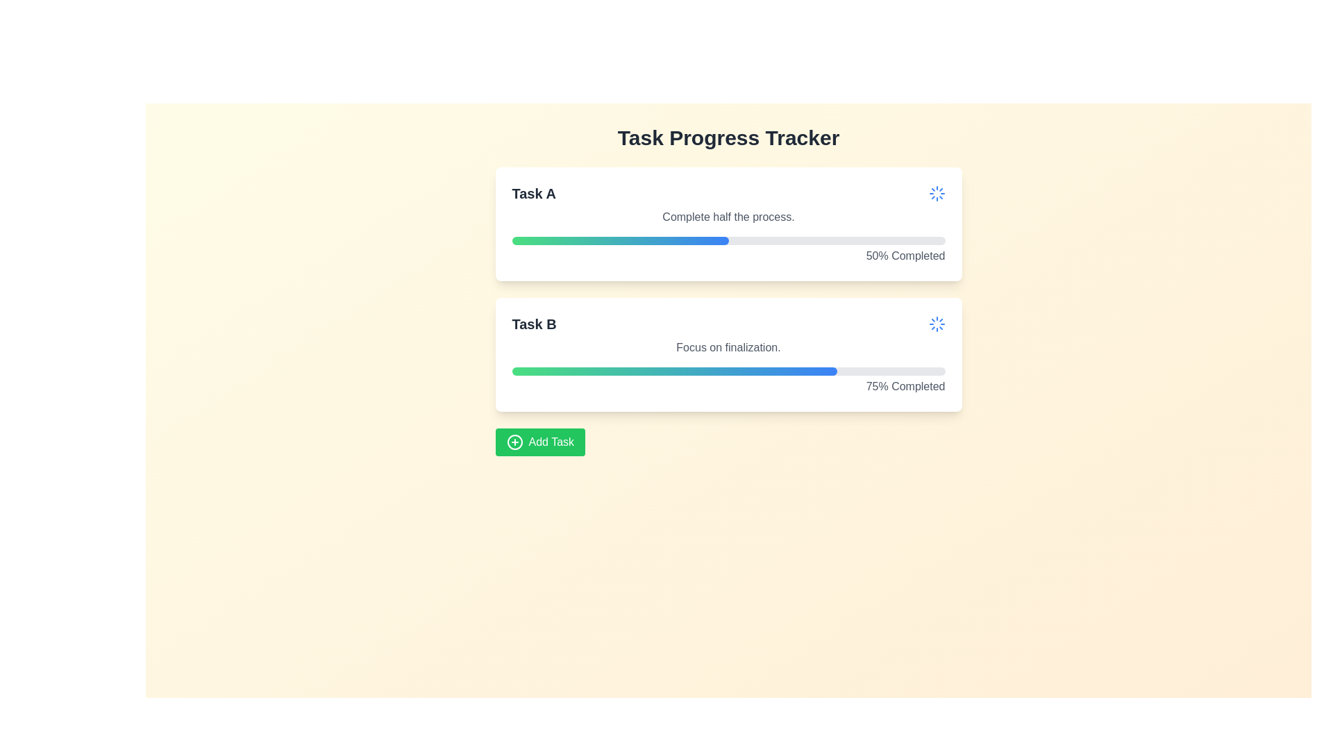 Image resolution: width=1333 pixels, height=750 pixels. Describe the element at coordinates (533, 193) in the screenshot. I see `the text block displaying 'Task A', which is a bold, large font in dark gray, positioned at the top-left of its enclosing task card` at that location.